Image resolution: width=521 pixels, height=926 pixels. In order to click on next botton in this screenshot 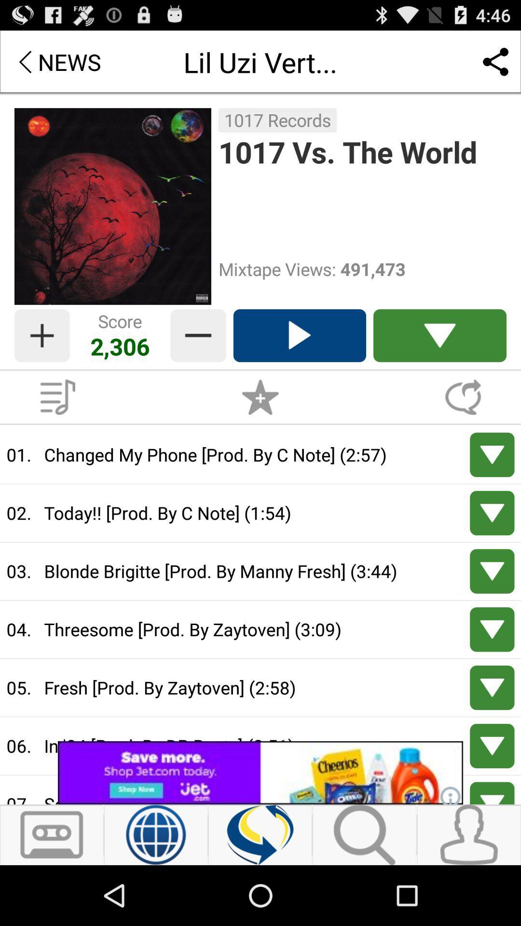, I will do `click(492, 793)`.